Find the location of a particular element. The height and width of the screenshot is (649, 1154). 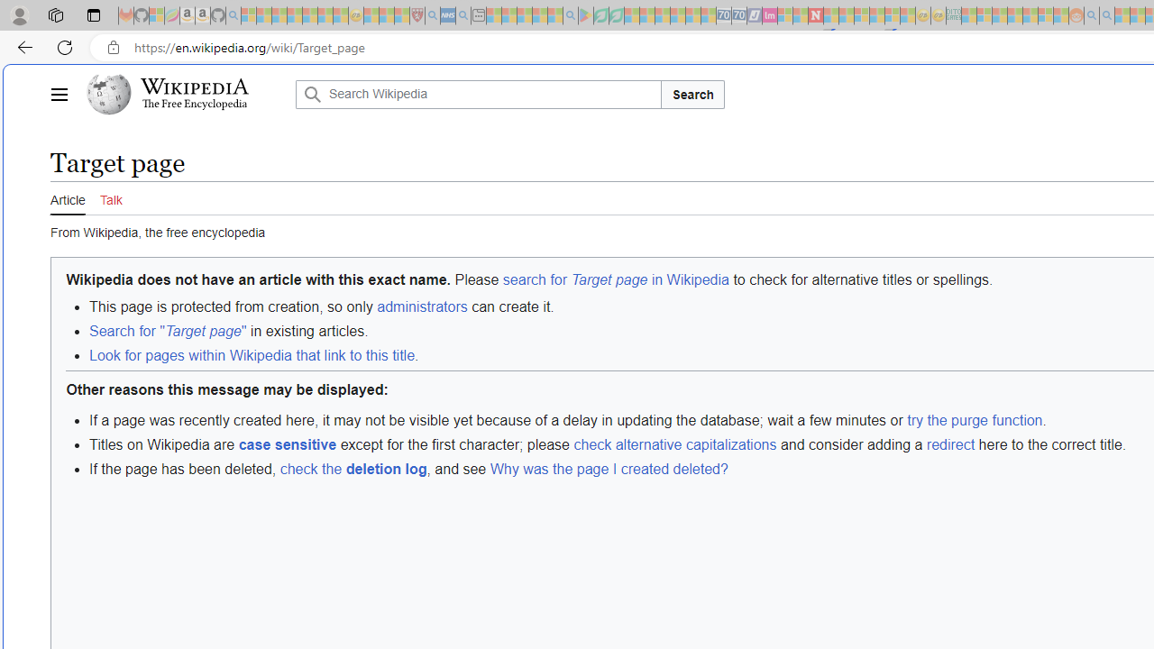

'Look for pages within Wikipedia that link to this title' is located at coordinates (251, 355).